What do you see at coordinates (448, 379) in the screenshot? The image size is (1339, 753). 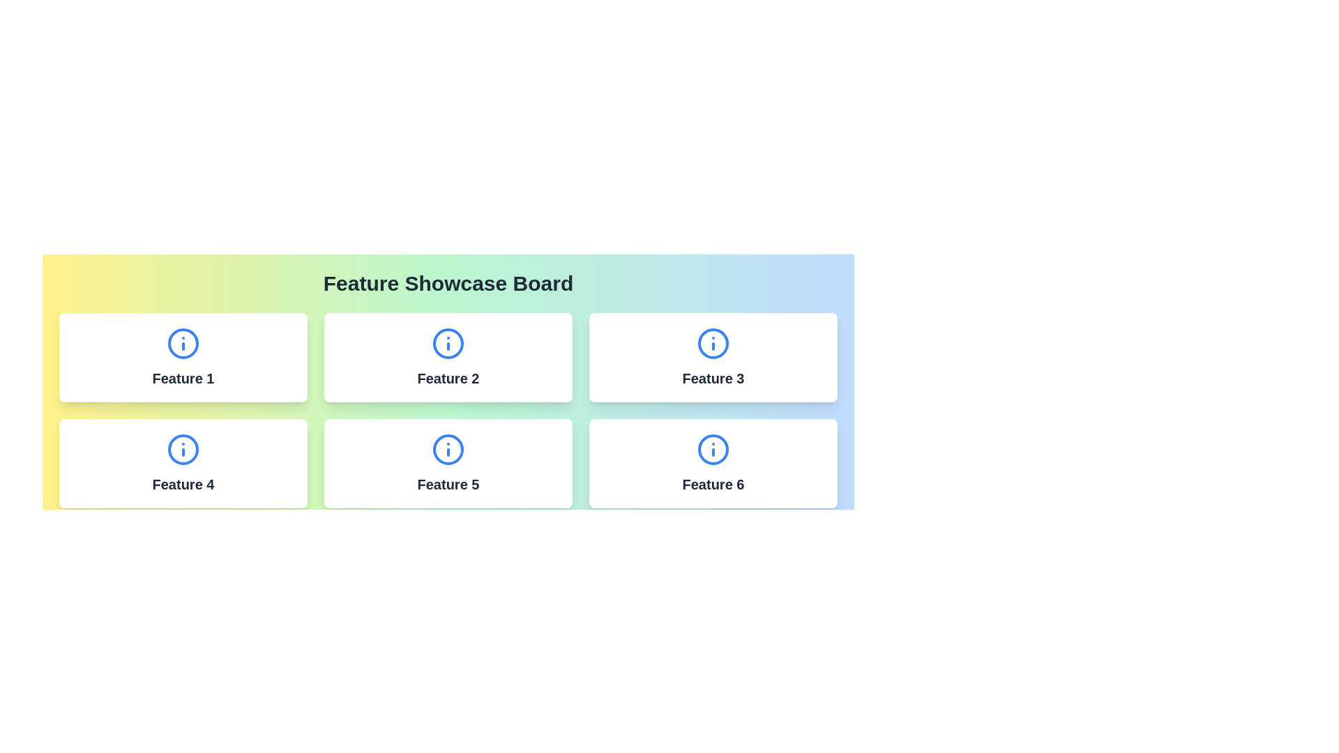 I see `the static text label located below the blue circled 'i' icon in the second column of the first row of a three-column grid layout` at bounding box center [448, 379].